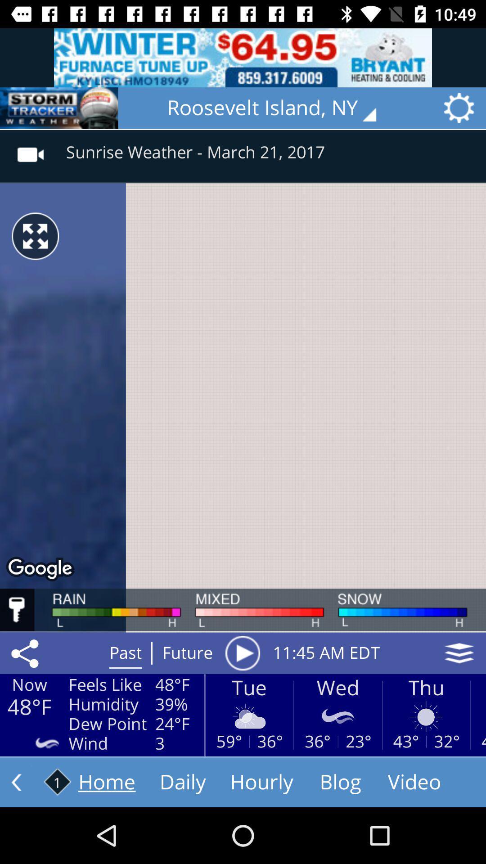 This screenshot has height=864, width=486. I want to click on play icon before 1145 am, so click(243, 653).